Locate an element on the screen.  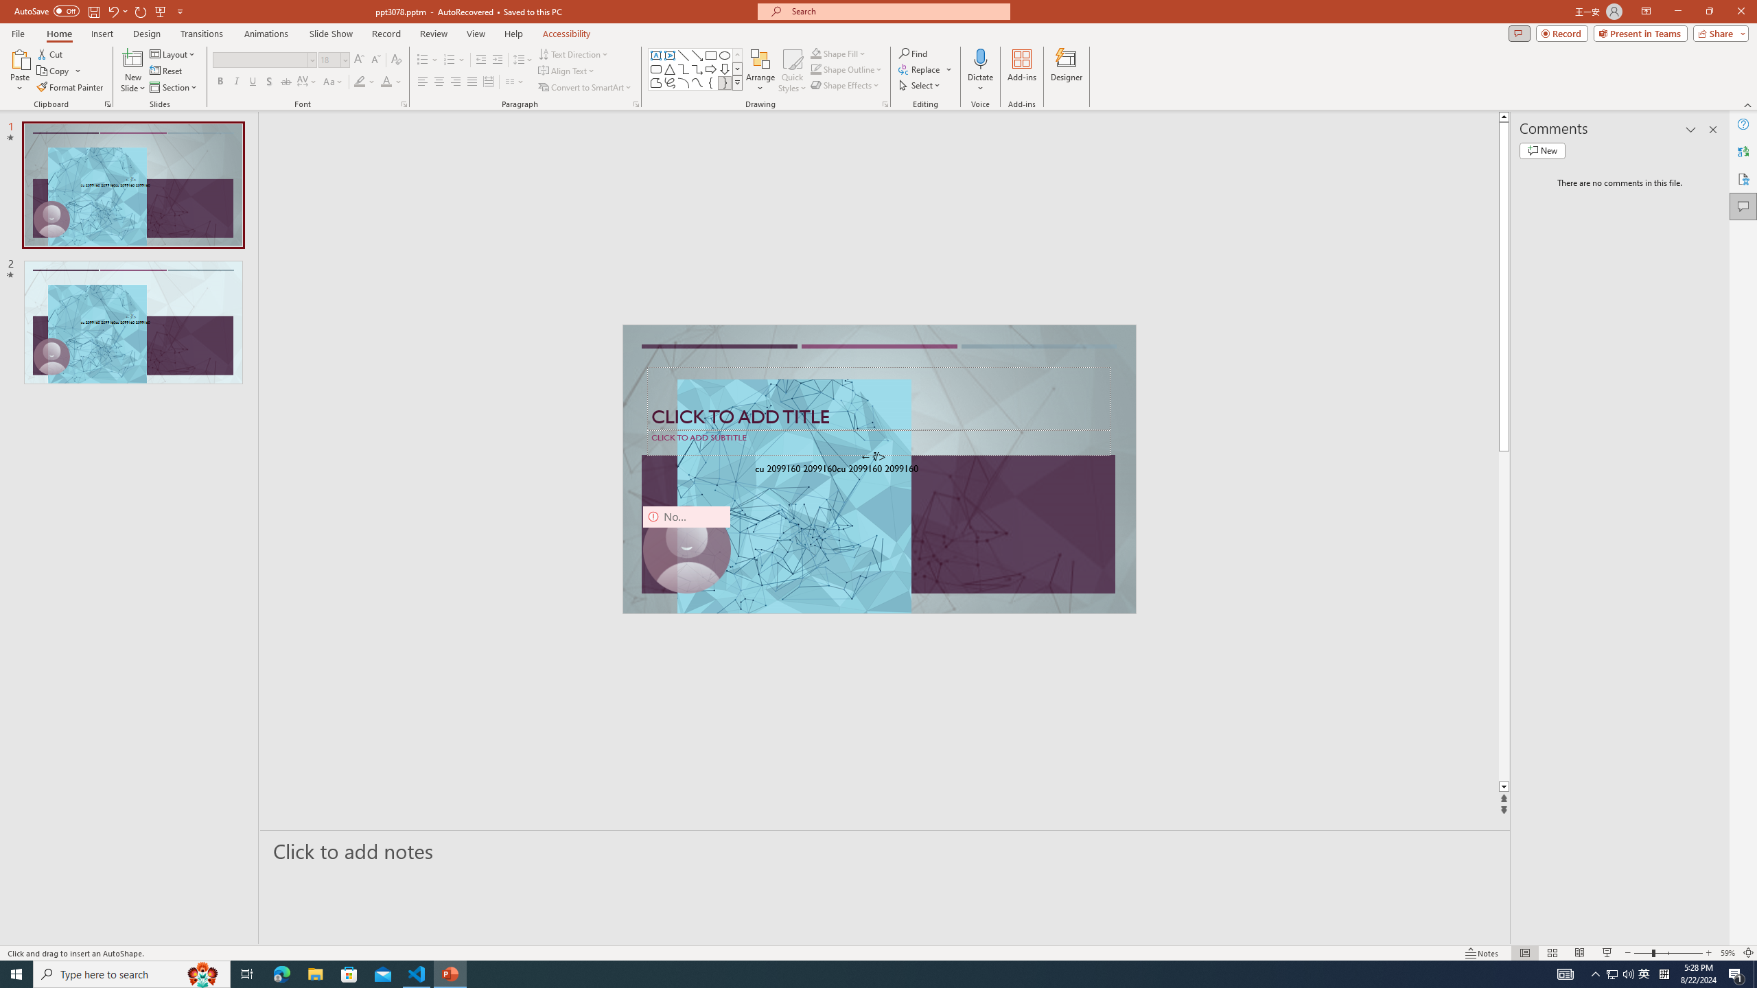
'Office Clipboard...' is located at coordinates (106, 103).